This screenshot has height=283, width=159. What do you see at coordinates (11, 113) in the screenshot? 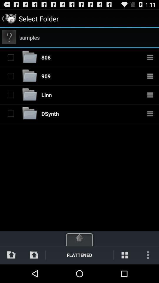
I see `folder` at bounding box center [11, 113].